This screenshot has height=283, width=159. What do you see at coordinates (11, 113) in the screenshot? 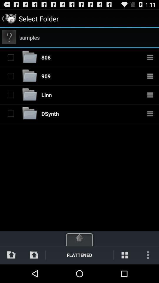
I see `folder` at bounding box center [11, 113].